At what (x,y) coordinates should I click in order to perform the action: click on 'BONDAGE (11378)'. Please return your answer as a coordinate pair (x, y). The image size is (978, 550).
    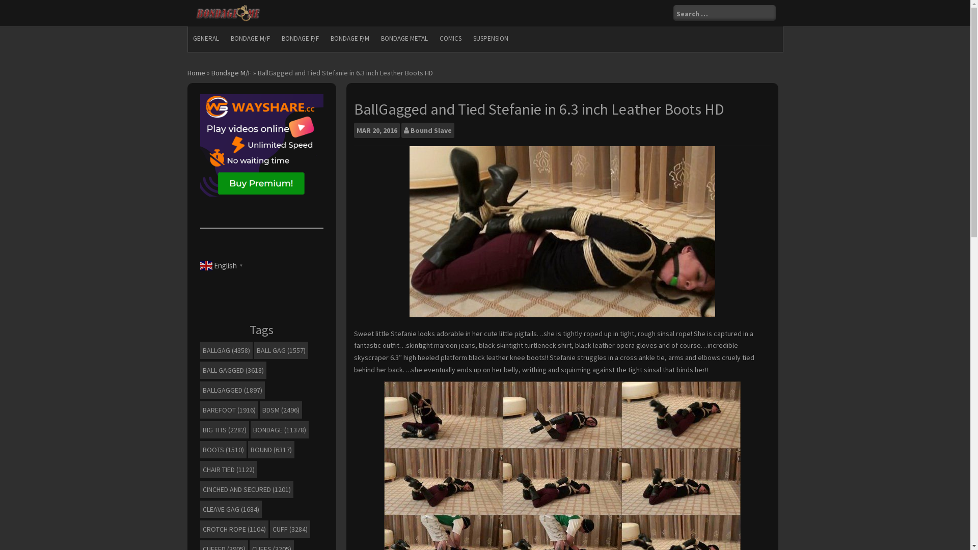
    Looking at the image, I should click on (250, 430).